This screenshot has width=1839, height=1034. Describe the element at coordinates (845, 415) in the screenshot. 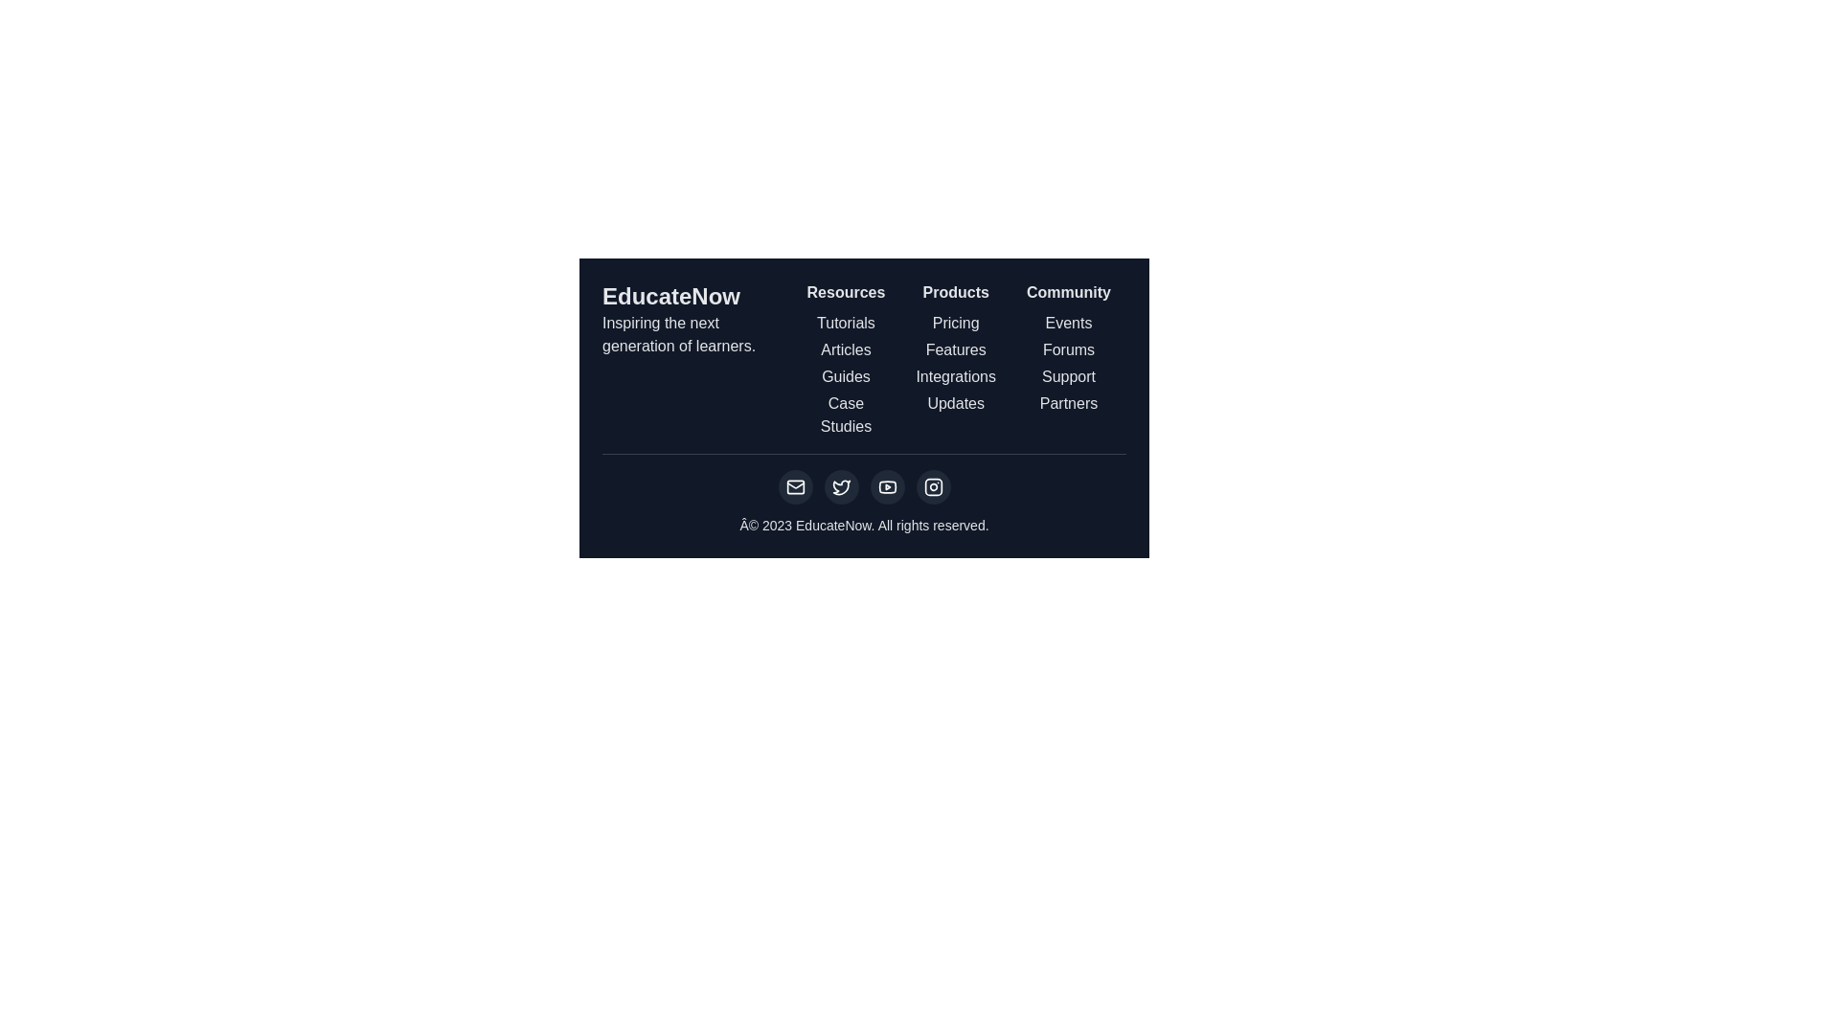

I see `the 'Case Studies' navigation link text located as the fourth item in the 'Resources' column of the footer, beneath the 'Guides' text` at that location.